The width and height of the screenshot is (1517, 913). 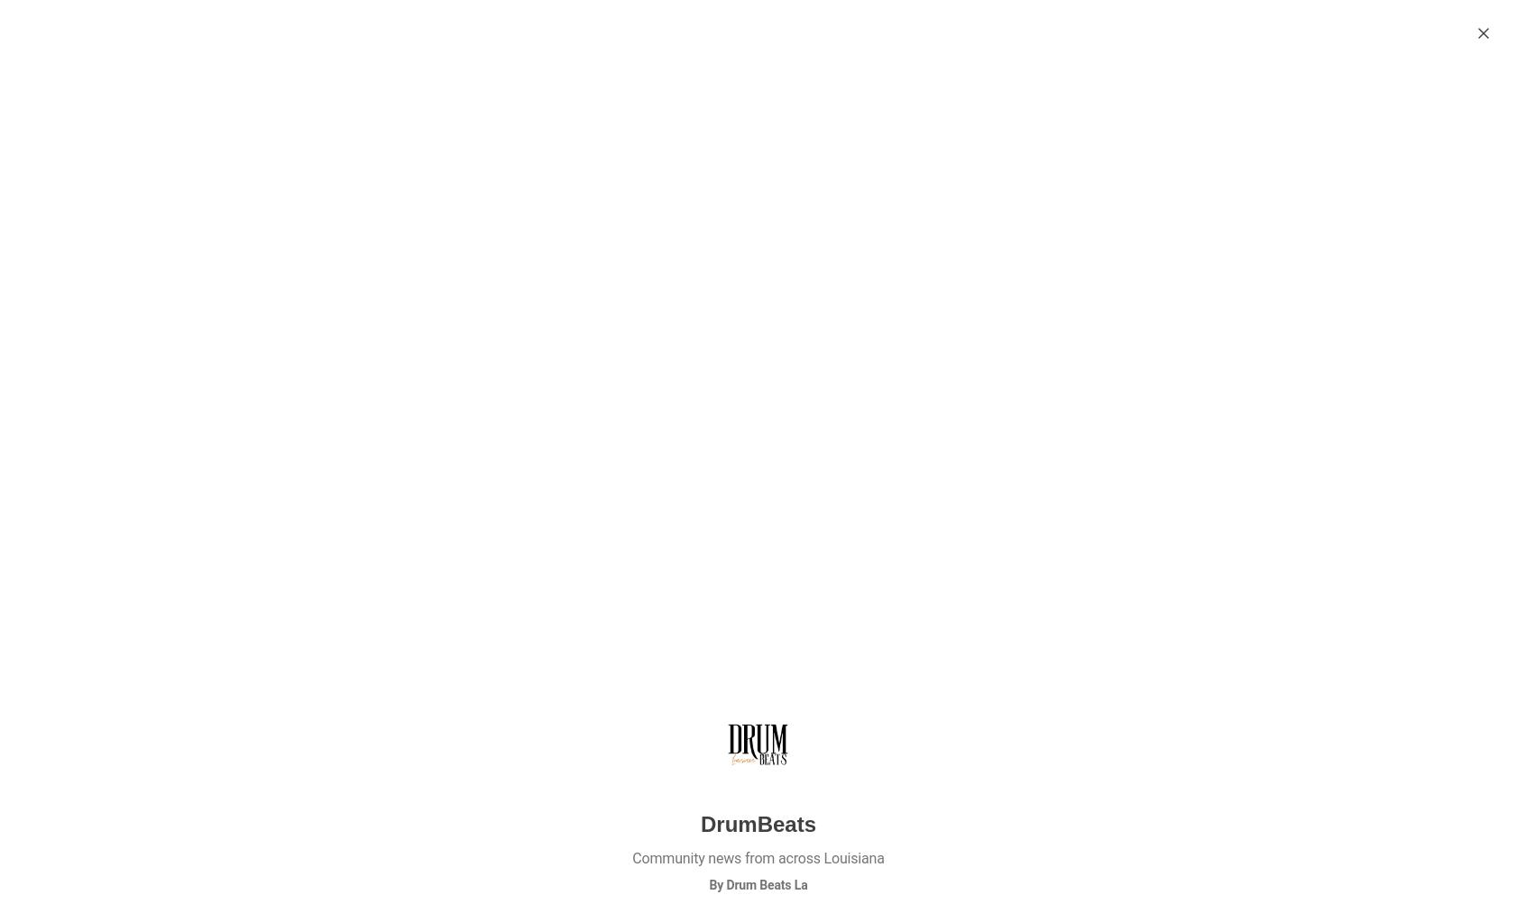 I want to click on 'Oct 21', so click(x=715, y=731).